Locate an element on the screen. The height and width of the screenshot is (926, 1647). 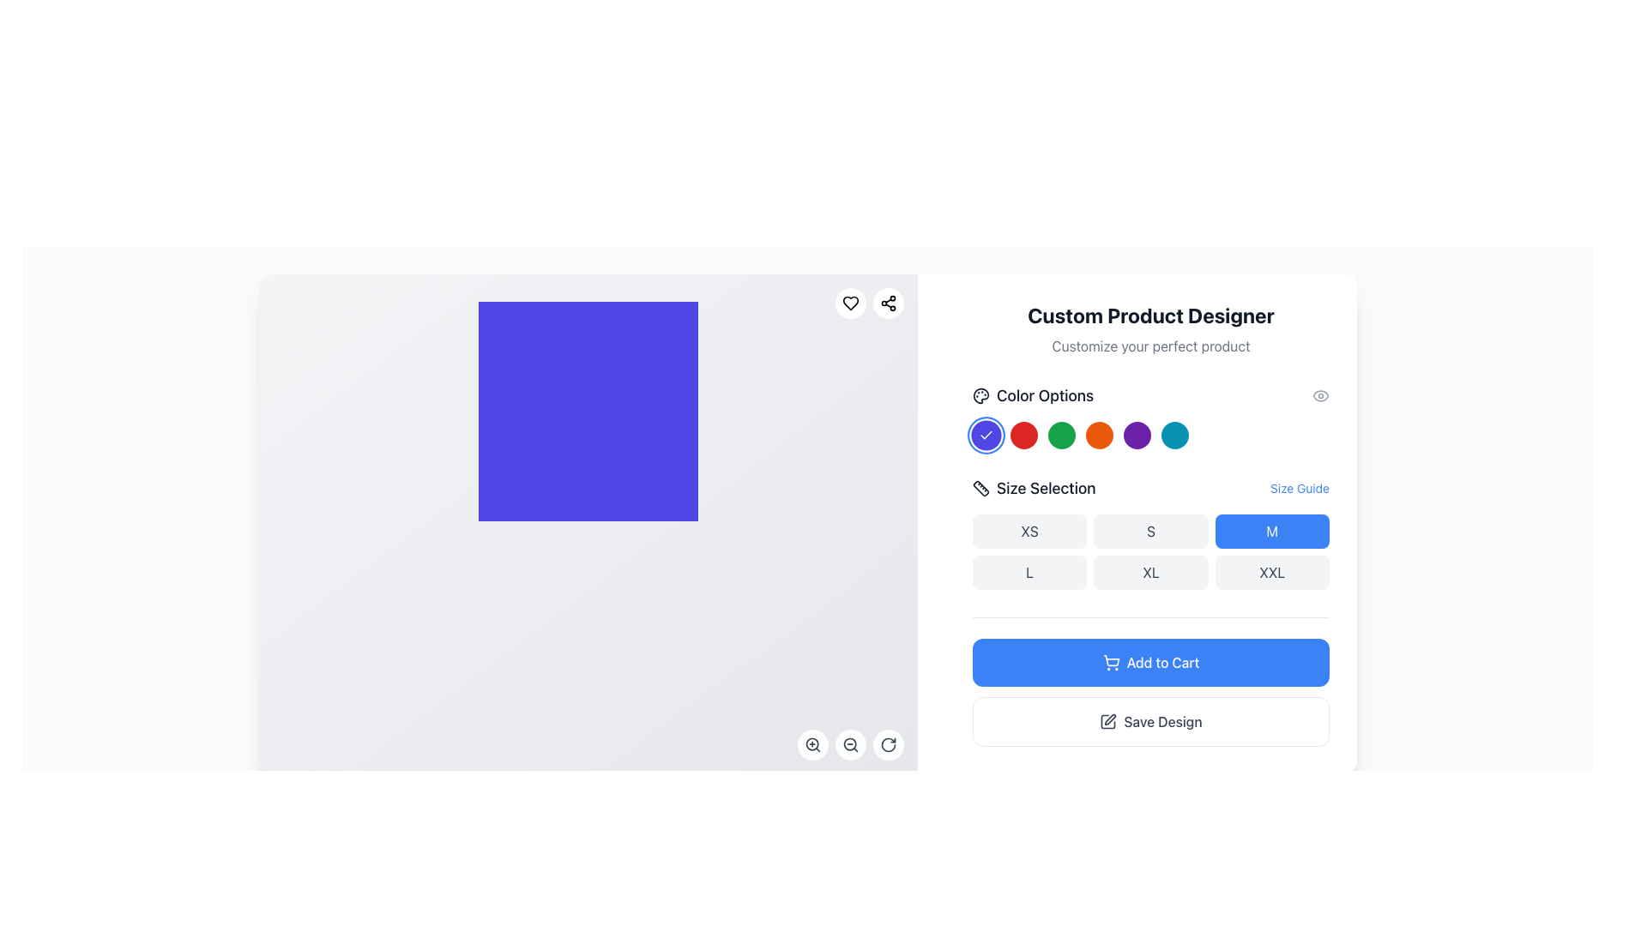
the 'Add to Cart' button that contains the shopping cart icon, located at the bottom-right area of the user interface is located at coordinates (1111, 659).